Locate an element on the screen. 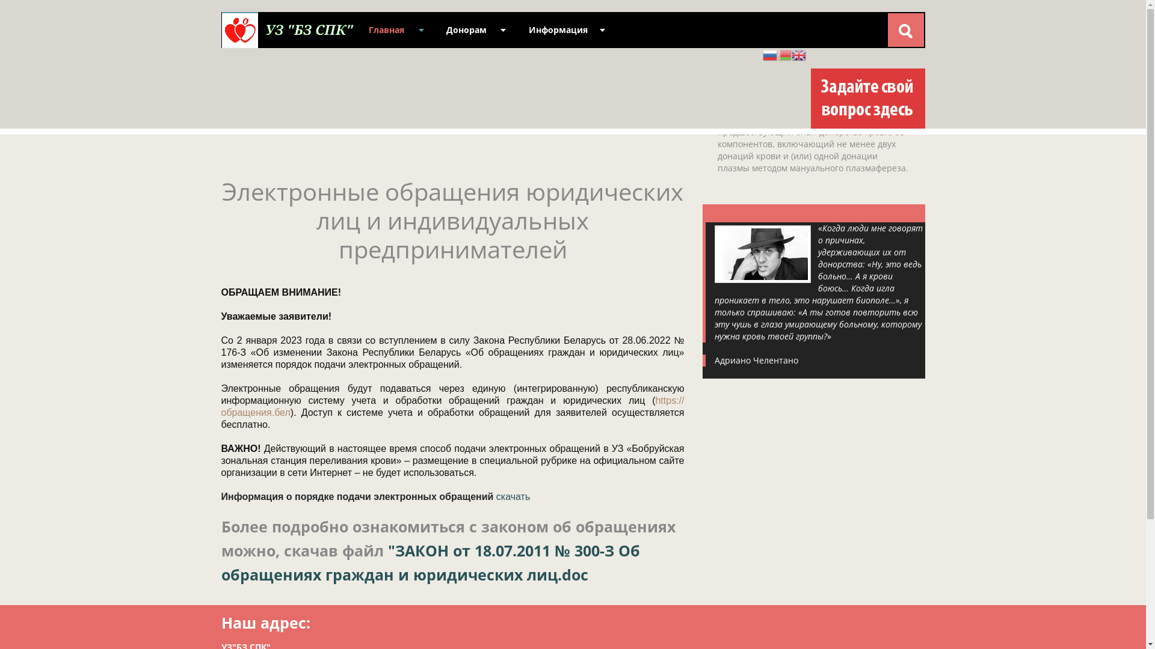  'Russian' is located at coordinates (770, 54).